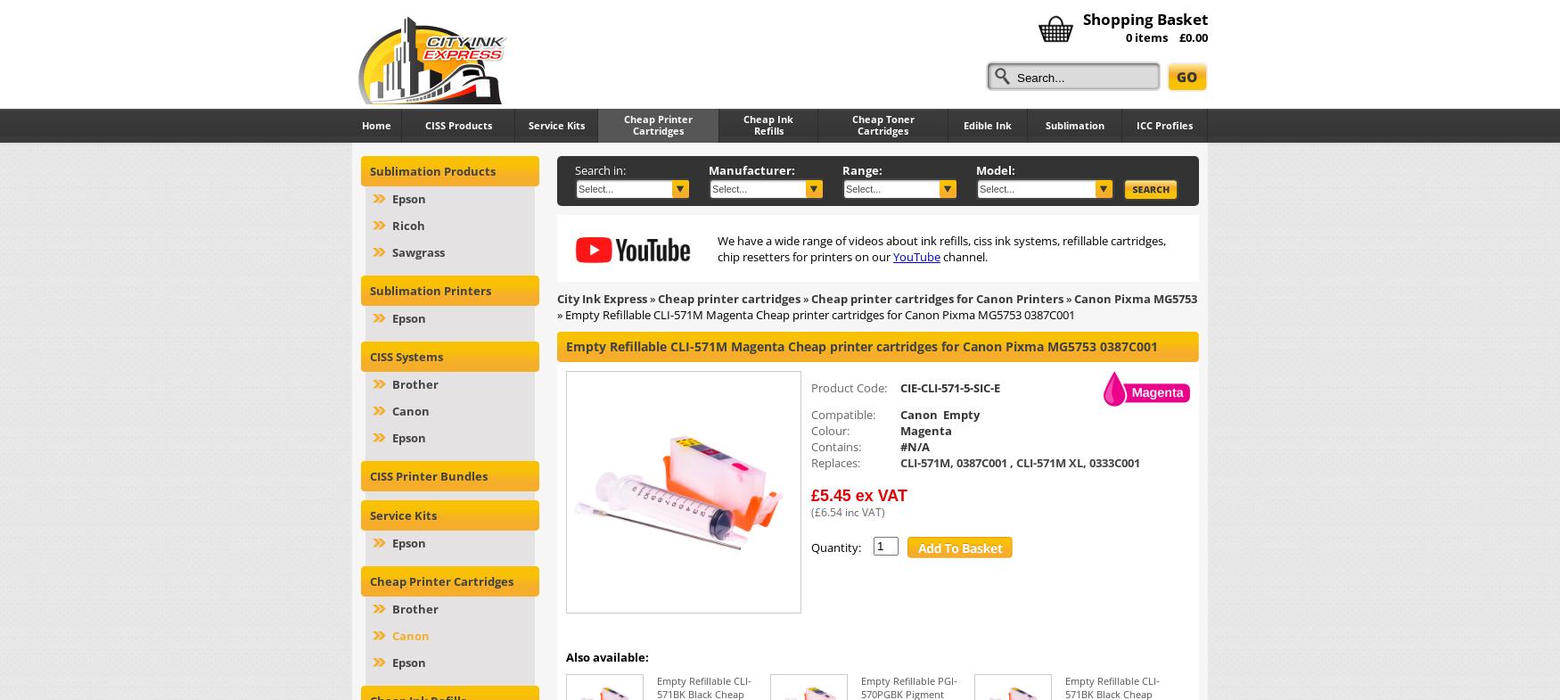 This screenshot has width=1560, height=700. What do you see at coordinates (964, 256) in the screenshot?
I see `'channel.'` at bounding box center [964, 256].